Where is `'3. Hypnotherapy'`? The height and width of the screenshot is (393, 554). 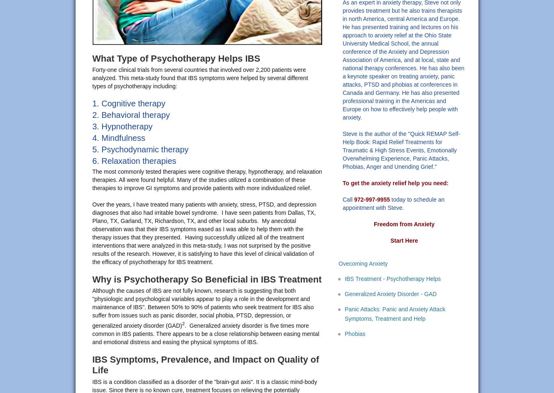 '3. Hypnotherapy' is located at coordinates (121, 126).